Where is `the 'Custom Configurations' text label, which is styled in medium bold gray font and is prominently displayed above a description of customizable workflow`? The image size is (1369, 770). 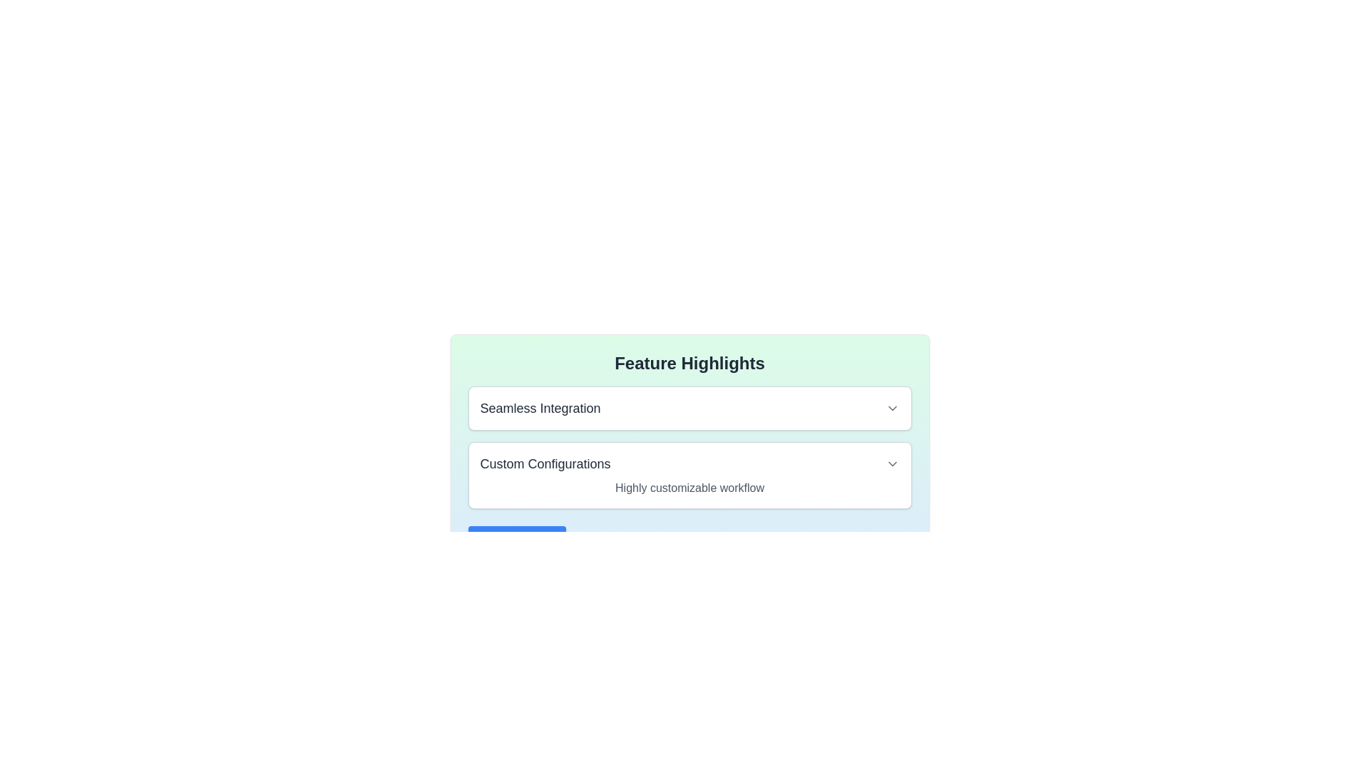 the 'Custom Configurations' text label, which is styled in medium bold gray font and is prominently displayed above a description of customizable workflow is located at coordinates (545, 464).